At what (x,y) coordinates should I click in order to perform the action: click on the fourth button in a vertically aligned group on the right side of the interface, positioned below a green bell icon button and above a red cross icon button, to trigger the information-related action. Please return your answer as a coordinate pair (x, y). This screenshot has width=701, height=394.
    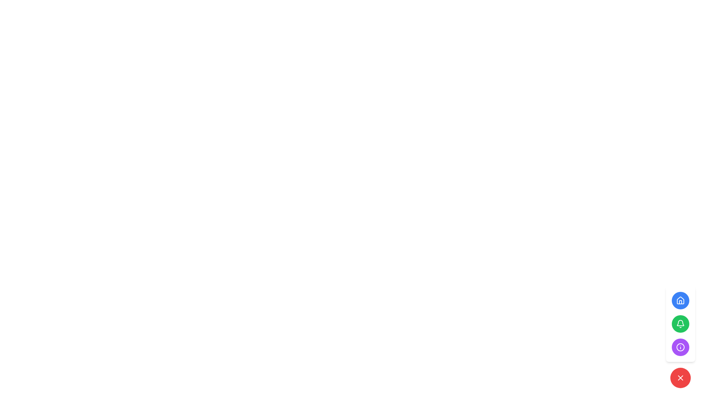
    Looking at the image, I should click on (680, 347).